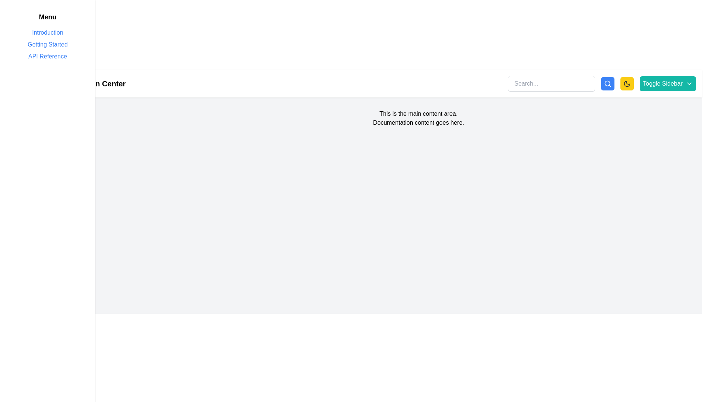 The image size is (715, 402). Describe the element at coordinates (47, 32) in the screenshot. I see `the 'Introduction' text link located at the top-left corner of the sidebar menu, which serves as a navigation link to the documentation section` at that location.